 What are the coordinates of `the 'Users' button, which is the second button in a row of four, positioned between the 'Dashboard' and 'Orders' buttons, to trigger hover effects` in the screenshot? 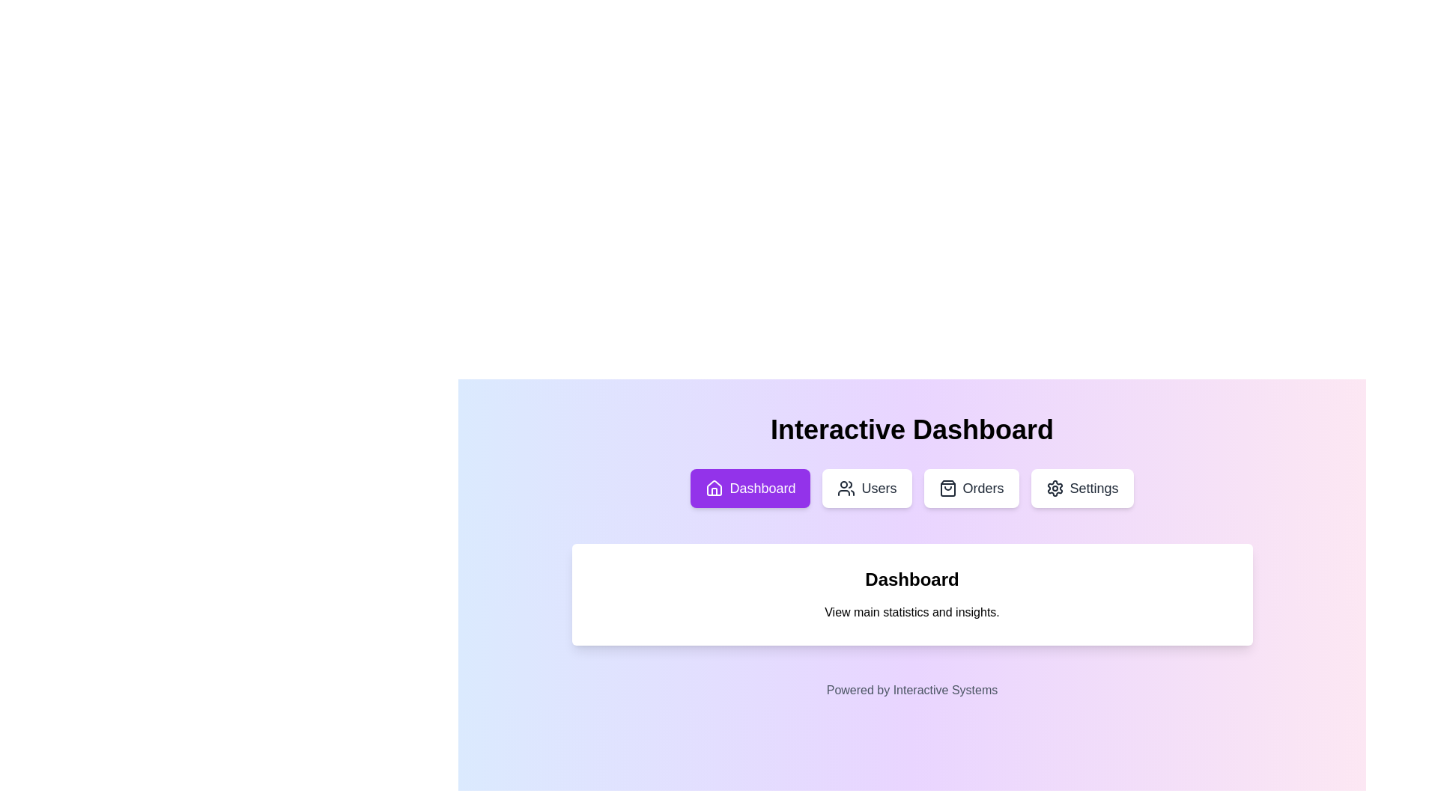 It's located at (867, 488).